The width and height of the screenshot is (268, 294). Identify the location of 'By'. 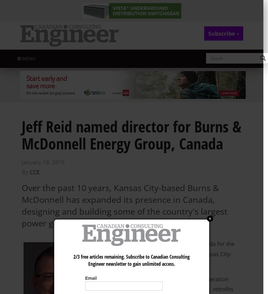
(21, 172).